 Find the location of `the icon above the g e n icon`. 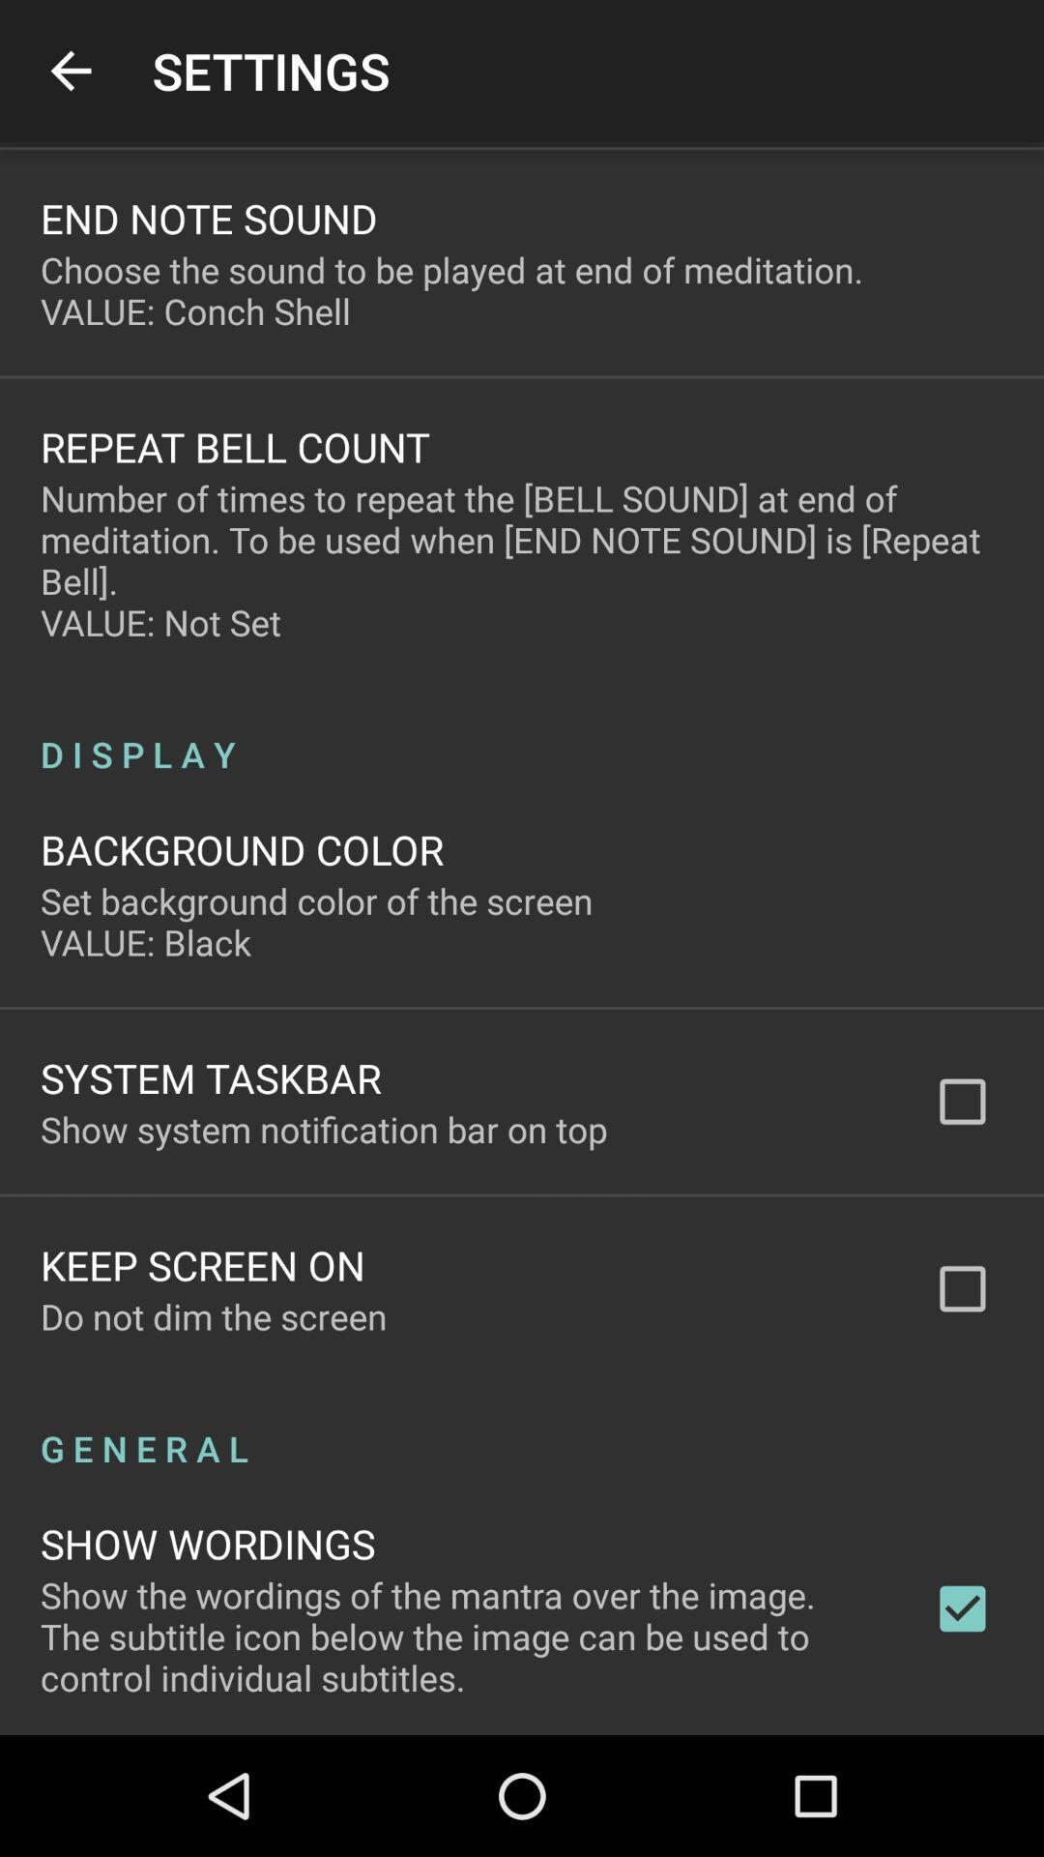

the icon above the g e n icon is located at coordinates (214, 1315).